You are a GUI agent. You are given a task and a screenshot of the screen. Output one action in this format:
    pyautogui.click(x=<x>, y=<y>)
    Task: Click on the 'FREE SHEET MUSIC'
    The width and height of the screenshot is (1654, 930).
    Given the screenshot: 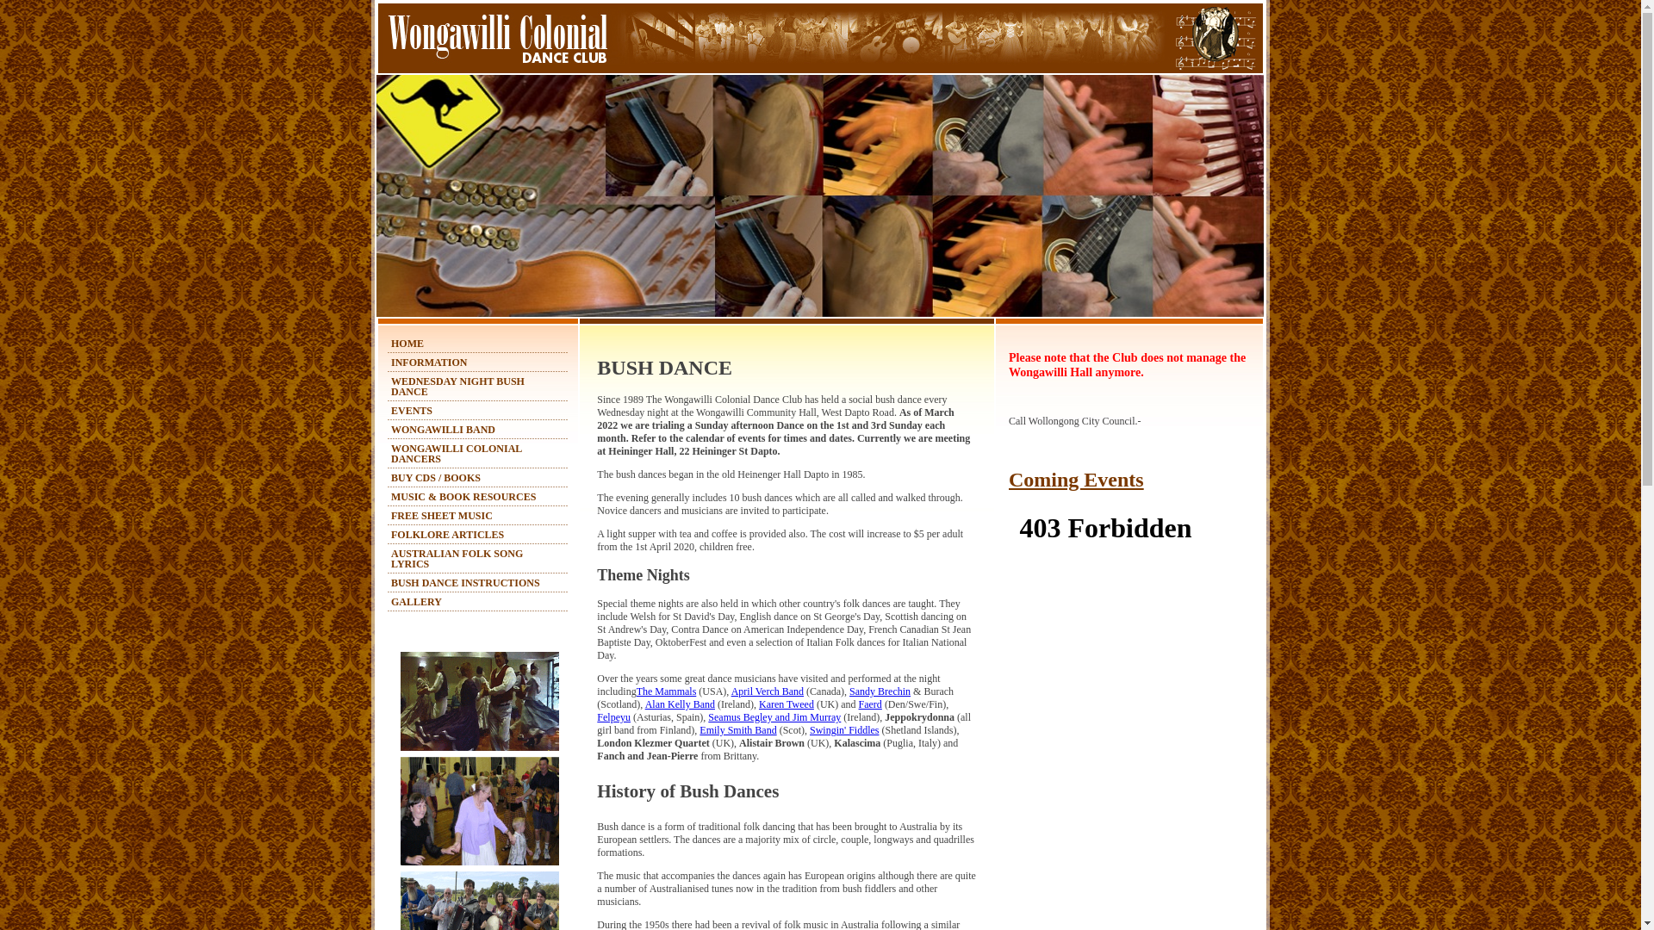 What is the action you would take?
    pyautogui.click(x=442, y=514)
    